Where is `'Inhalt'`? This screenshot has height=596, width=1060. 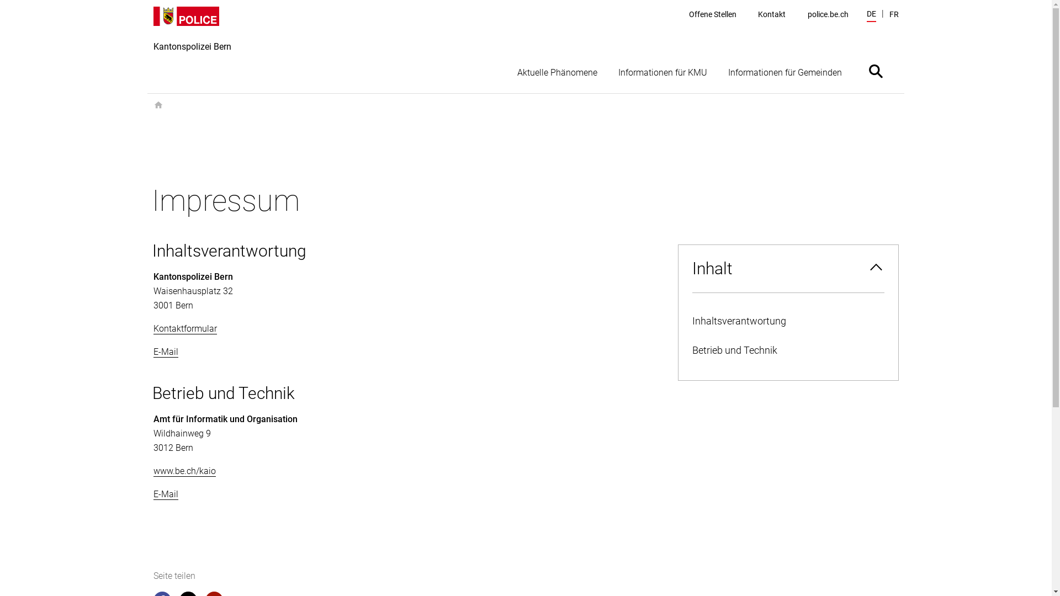
'Inhalt' is located at coordinates (787, 268).